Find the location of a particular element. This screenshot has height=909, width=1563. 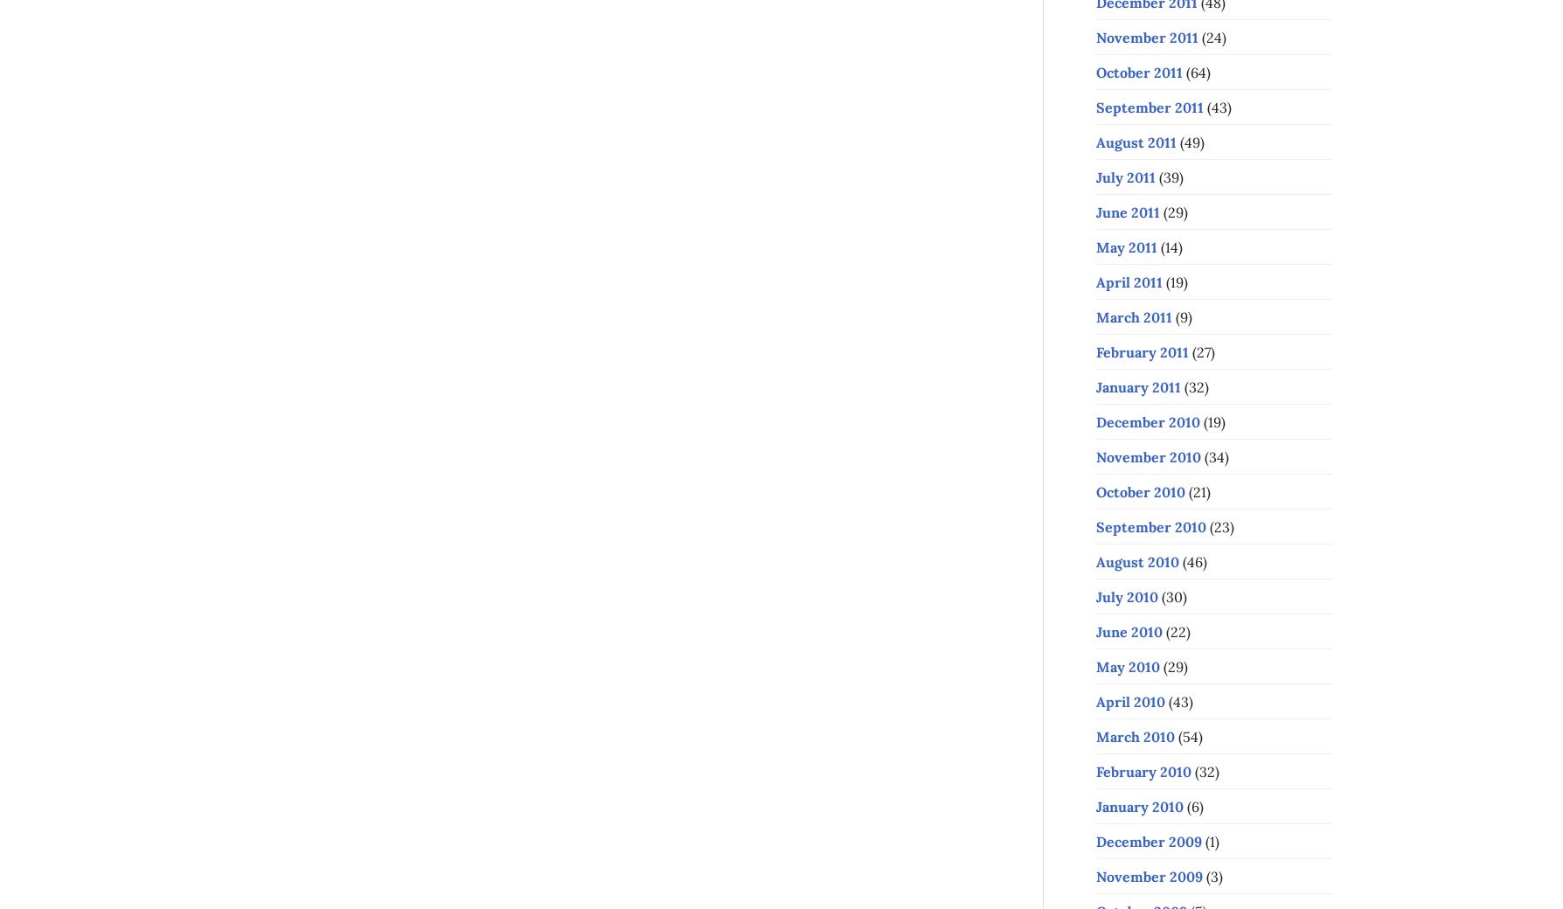

'October 2010' is located at coordinates (1140, 490).